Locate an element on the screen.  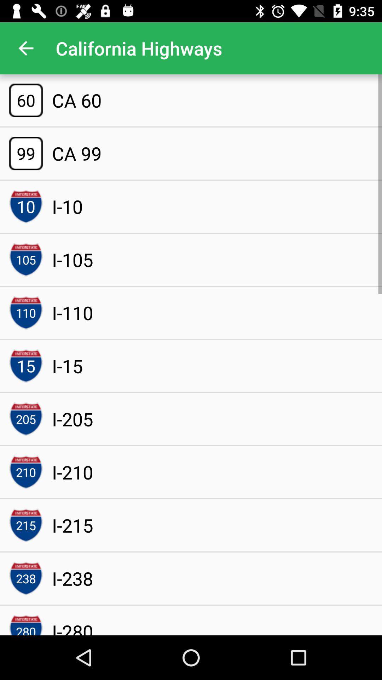
item below the ca 99 is located at coordinates (67, 206).